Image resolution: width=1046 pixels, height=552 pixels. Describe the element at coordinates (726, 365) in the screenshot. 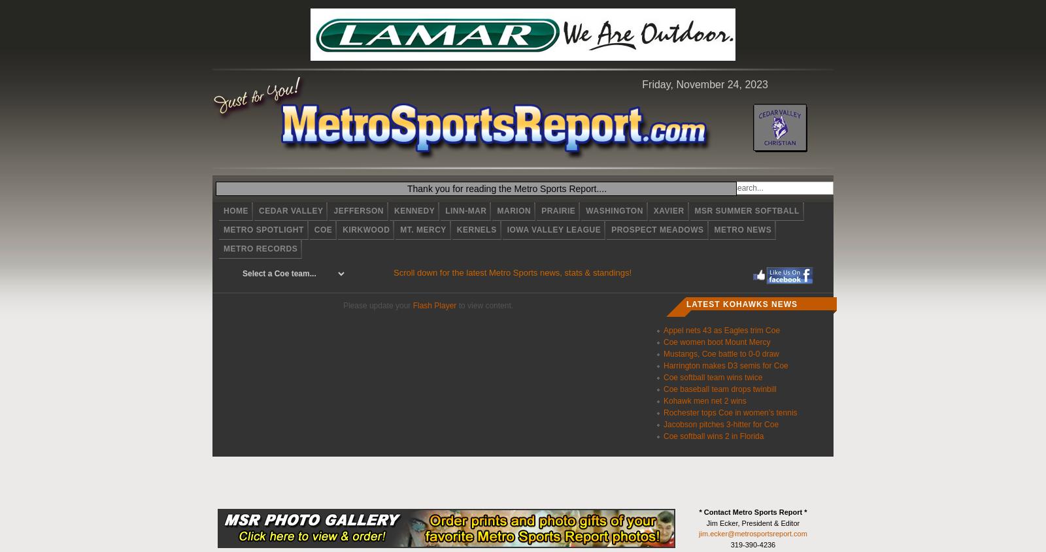

I see `'Harrington makes D3 semis for Coe'` at that location.